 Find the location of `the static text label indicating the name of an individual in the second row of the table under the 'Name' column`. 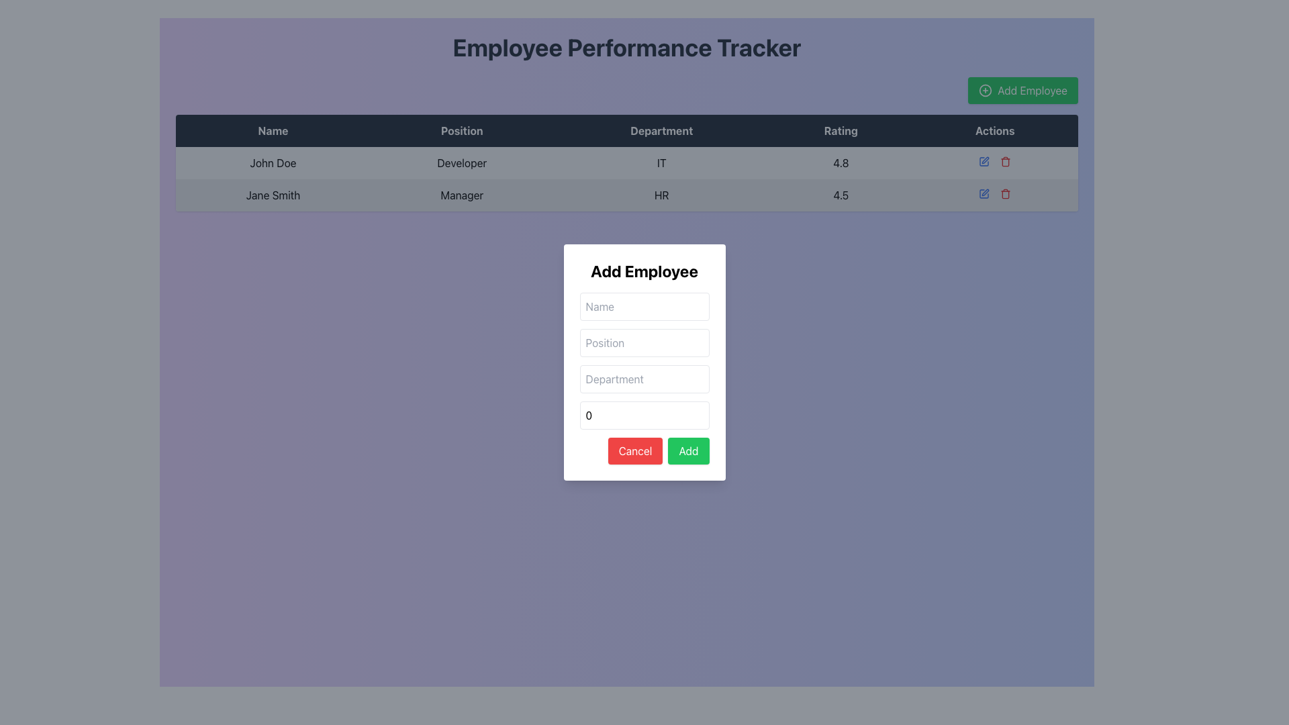

the static text label indicating the name of an individual in the second row of the table under the 'Name' column is located at coordinates (273, 195).